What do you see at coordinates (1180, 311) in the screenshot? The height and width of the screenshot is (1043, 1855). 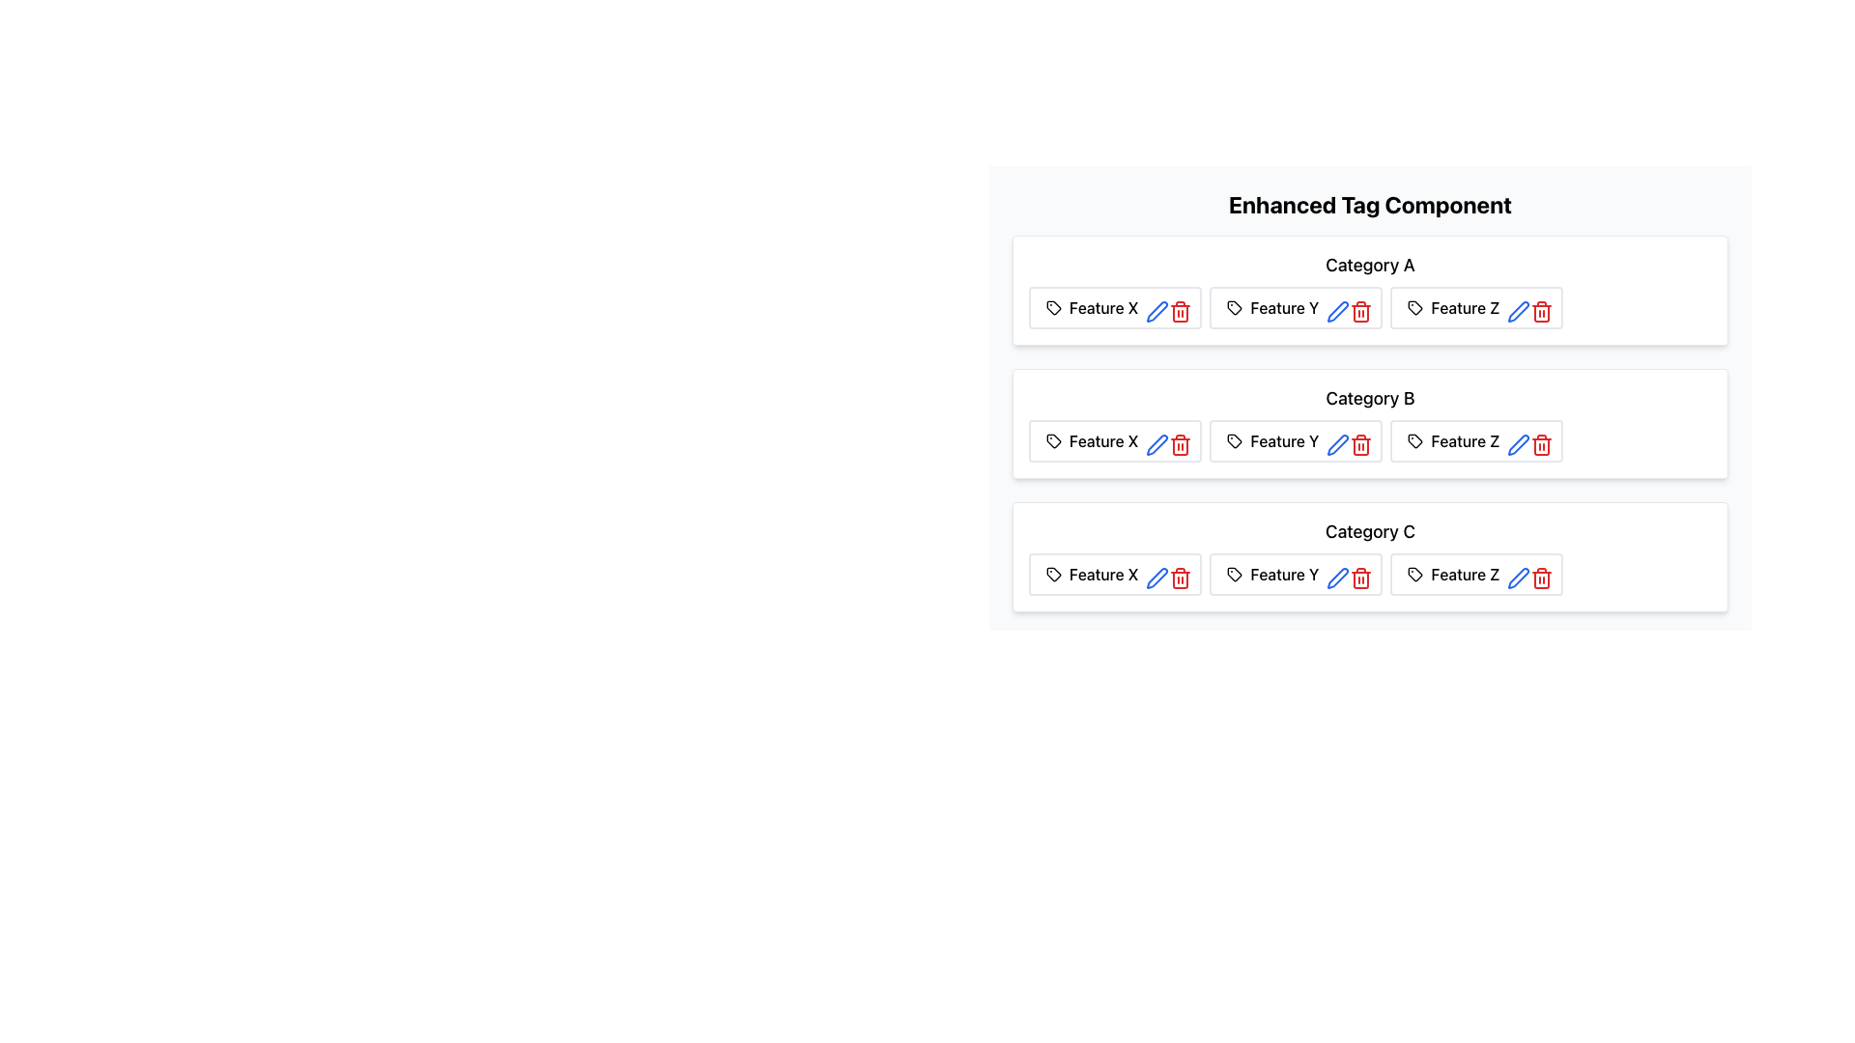 I see `the delete icon button associated with 'Feature X' under 'Category A'` at bounding box center [1180, 311].